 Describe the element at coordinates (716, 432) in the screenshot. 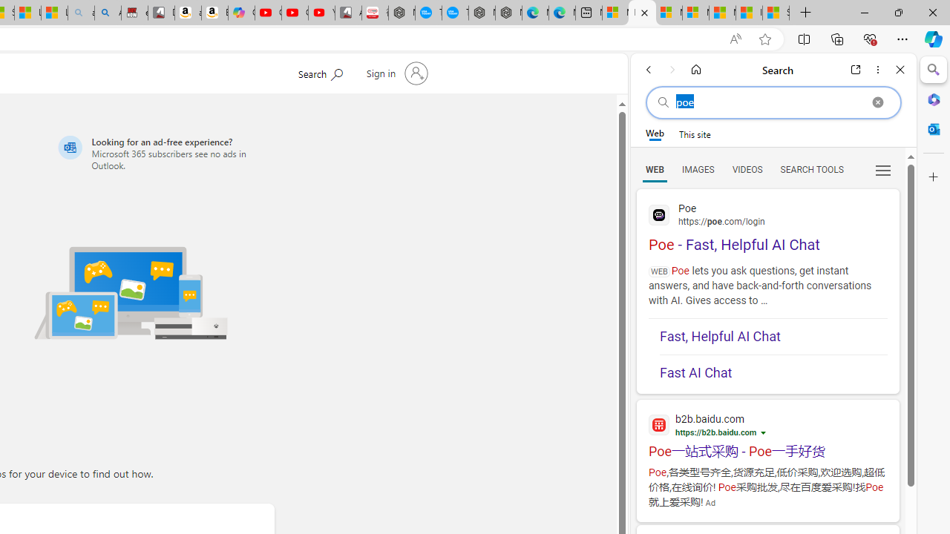

I see `'https://b2b.baidu.com'` at that location.